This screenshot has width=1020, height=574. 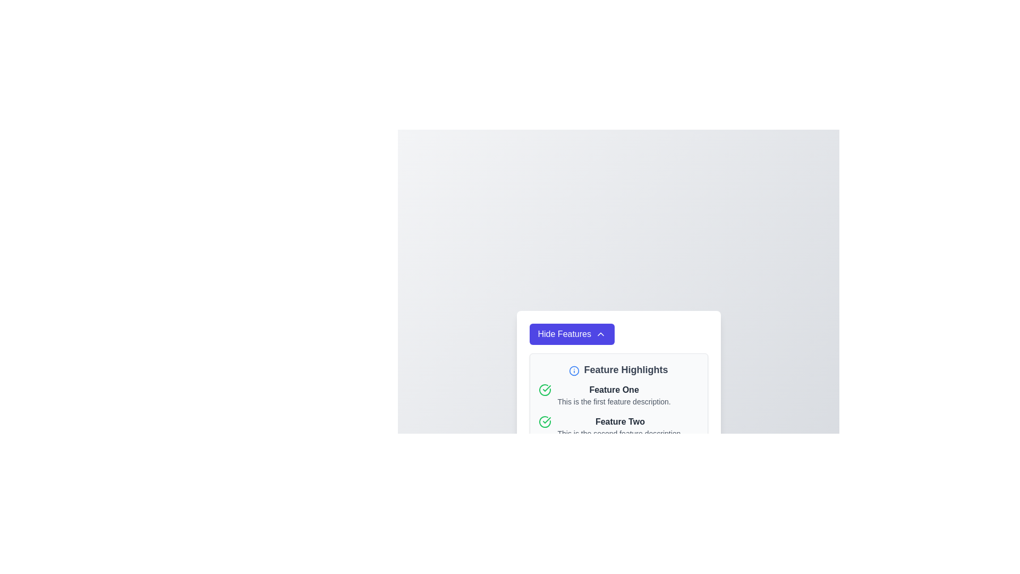 What do you see at coordinates (545, 390) in the screenshot?
I see `the green circular icon with a checkmark inside, which represents a confirmation or success state, located to the immediate left of the text label 'Feature One'` at bounding box center [545, 390].